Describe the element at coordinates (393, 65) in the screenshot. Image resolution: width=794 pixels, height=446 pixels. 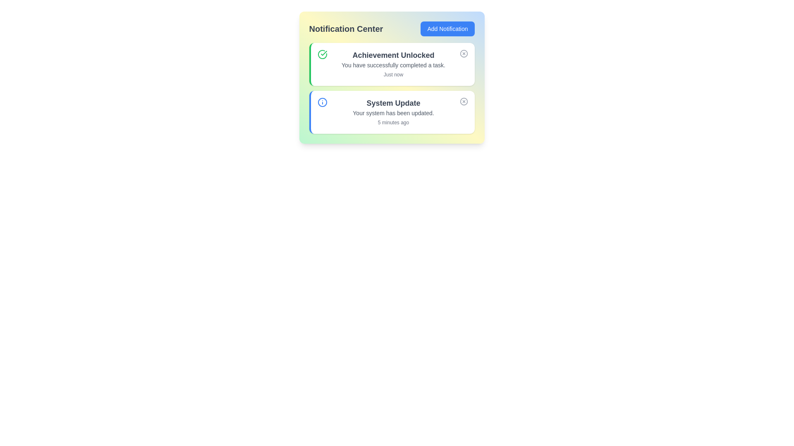
I see `the informational text label that indicates successful task completion, positioned under 'Achievement Unlocked' and above 'Just now' within the notification card` at that location.